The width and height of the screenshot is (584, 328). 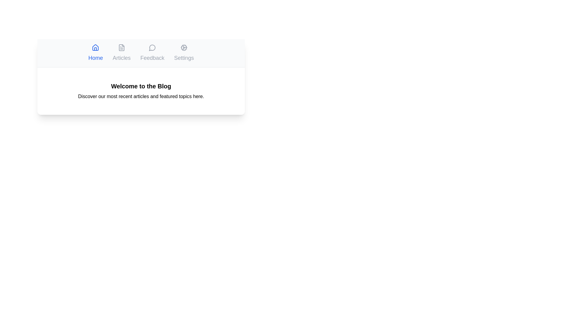 What do you see at coordinates (152, 53) in the screenshot?
I see `the Feedback tab to switch to its content section` at bounding box center [152, 53].